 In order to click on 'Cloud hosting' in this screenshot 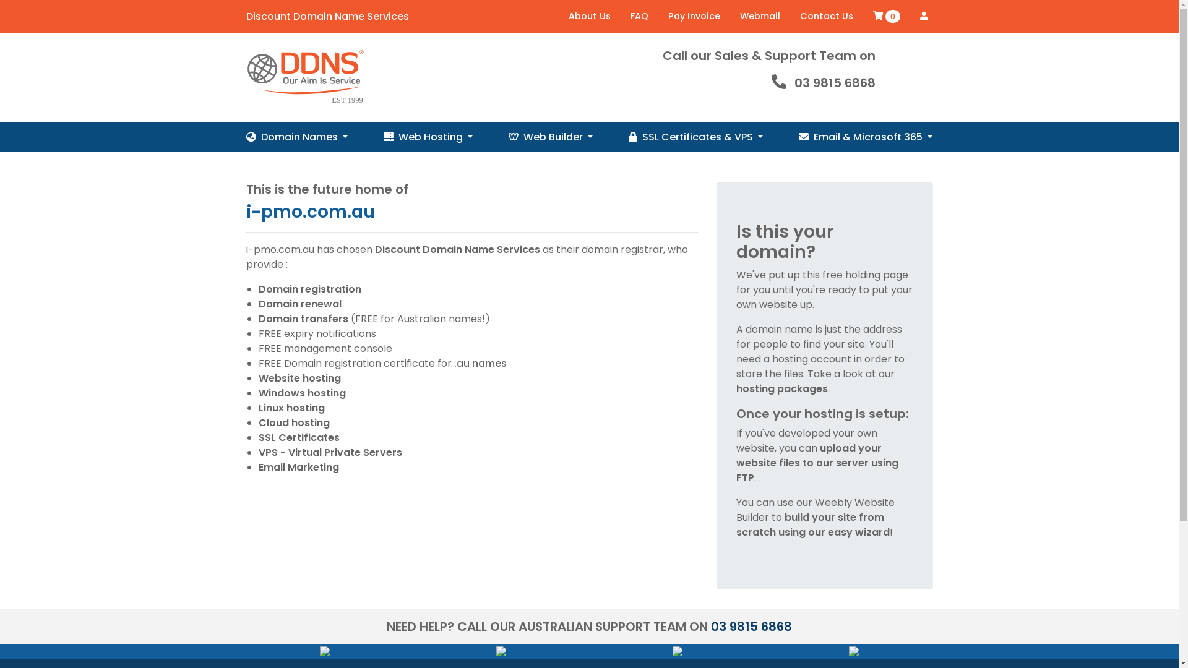, I will do `click(293, 422)`.